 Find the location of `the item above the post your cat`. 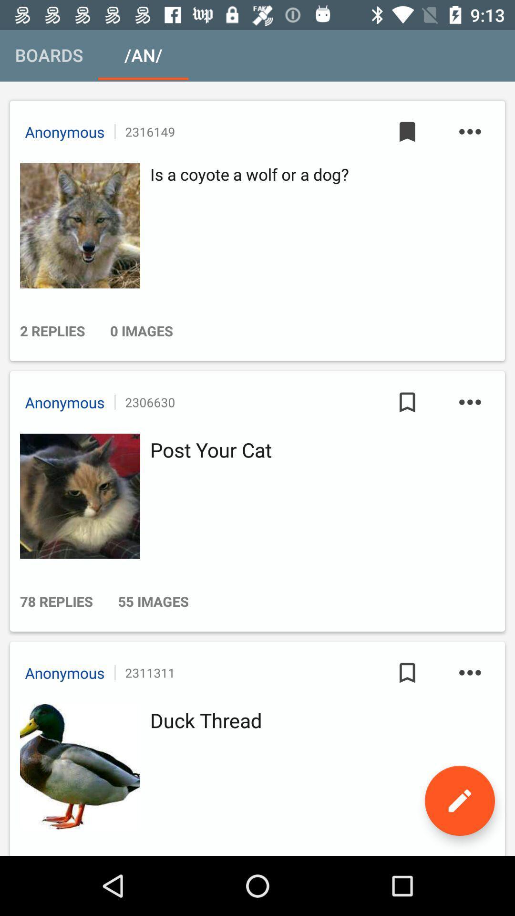

the item above the post your cat is located at coordinates (407, 402).